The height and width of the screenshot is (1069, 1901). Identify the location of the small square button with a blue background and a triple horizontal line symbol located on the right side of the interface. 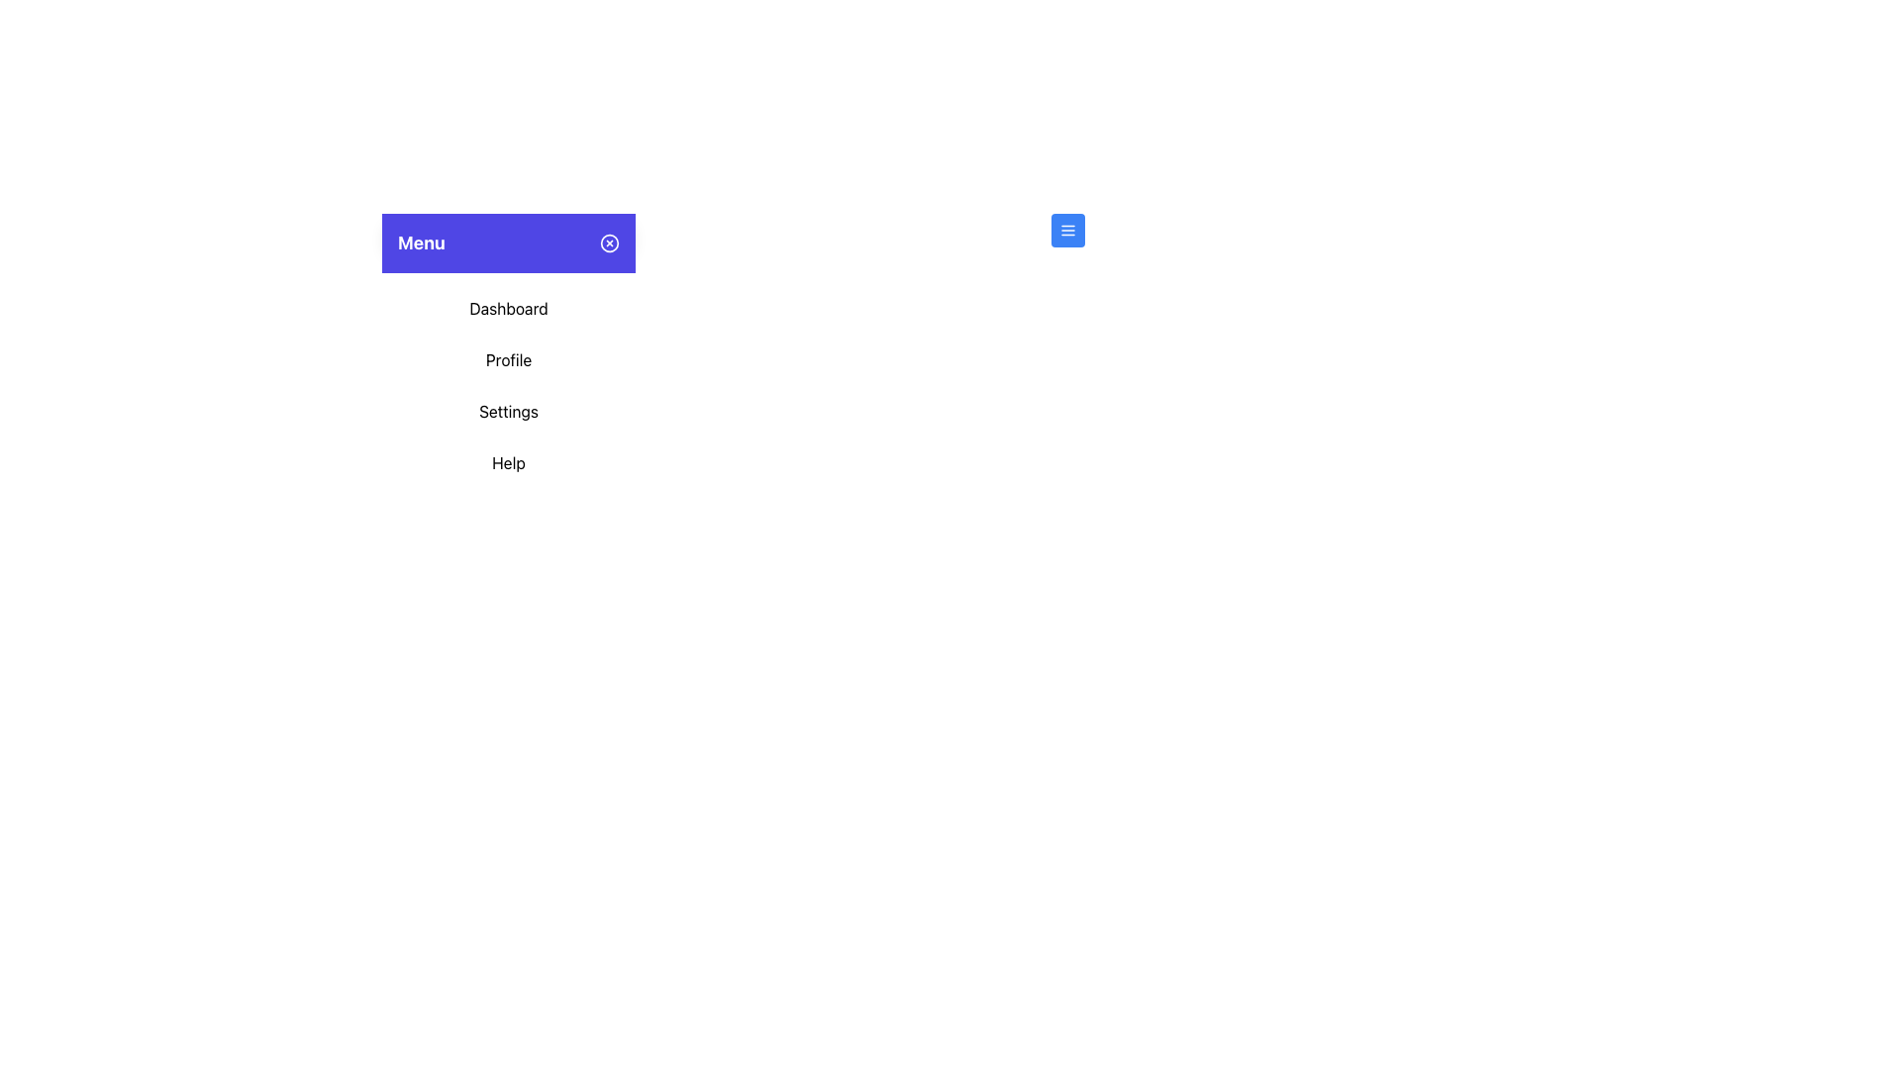
(1066, 229).